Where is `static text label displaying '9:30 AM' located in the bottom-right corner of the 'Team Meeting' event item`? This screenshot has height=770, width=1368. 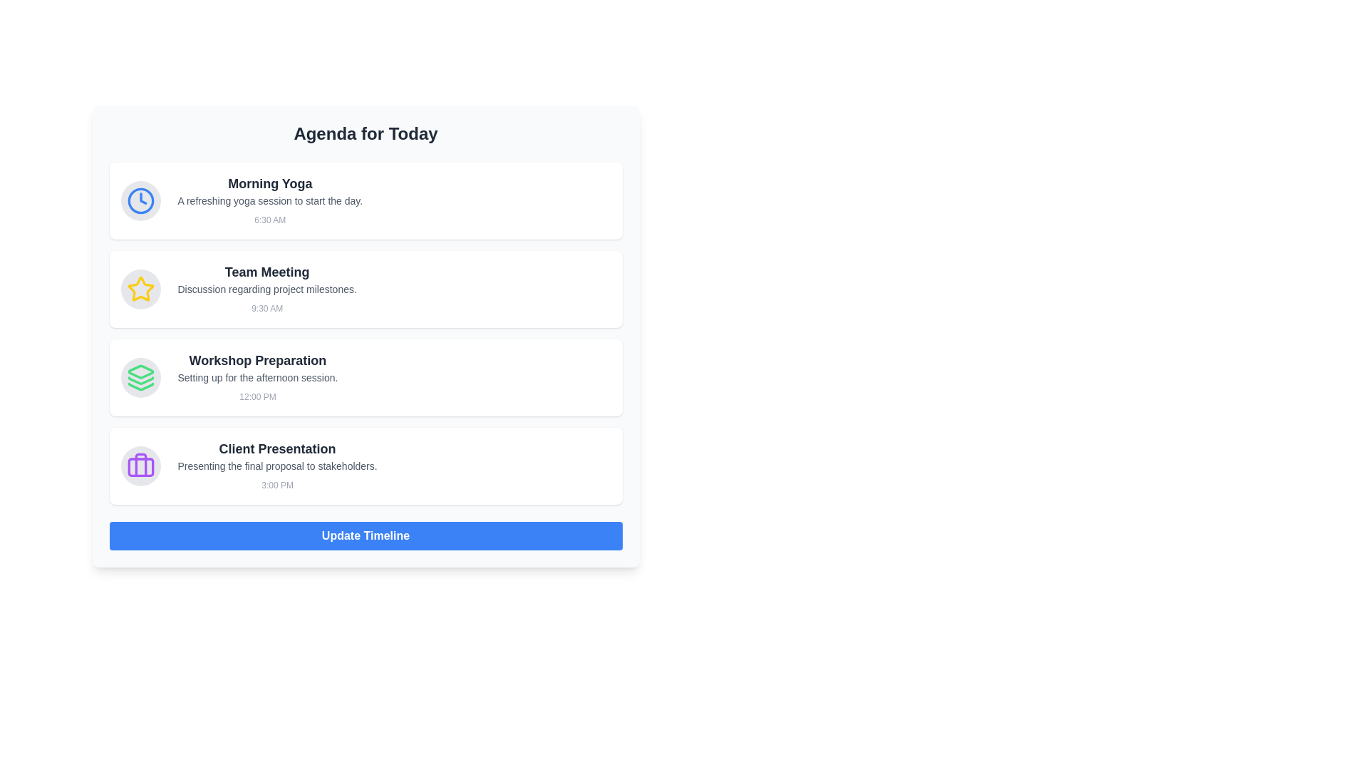 static text label displaying '9:30 AM' located in the bottom-right corner of the 'Team Meeting' event item is located at coordinates (267, 307).